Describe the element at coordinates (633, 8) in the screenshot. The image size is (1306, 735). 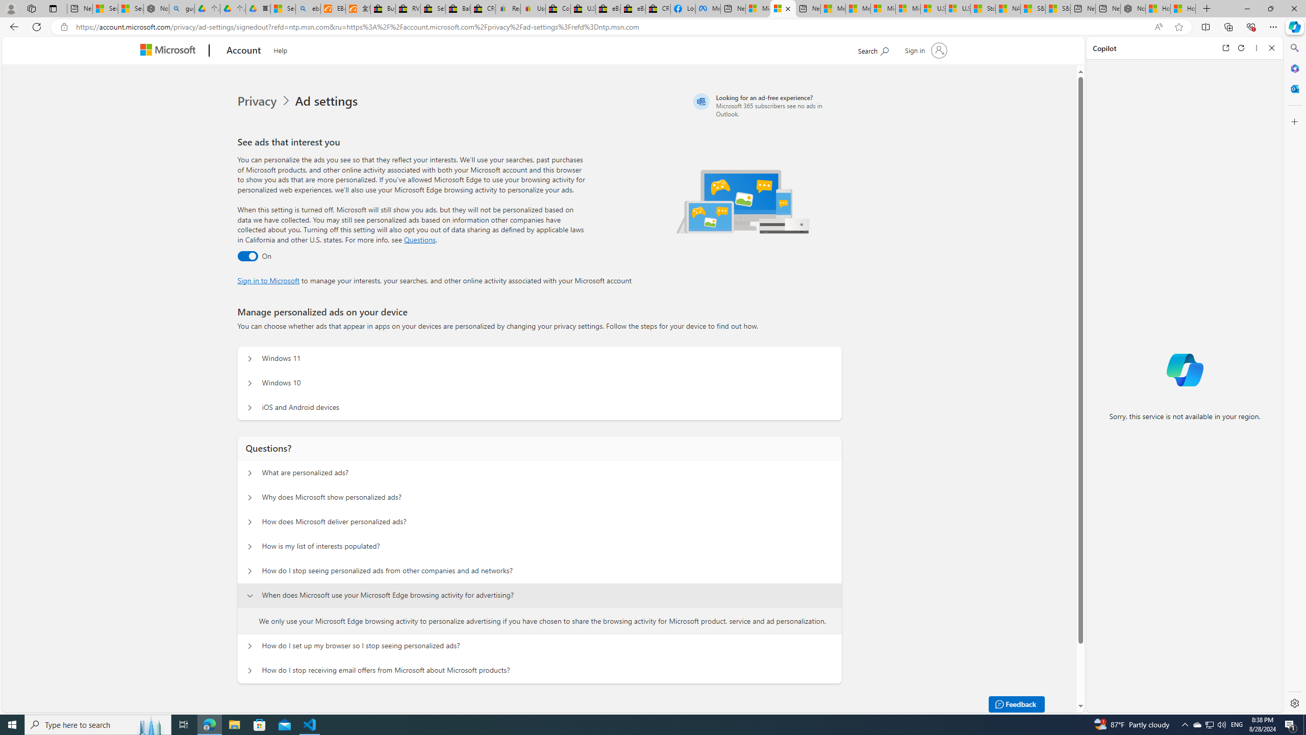
I see `'eBay Inc. Reports Third Quarter 2023 Results'` at that location.